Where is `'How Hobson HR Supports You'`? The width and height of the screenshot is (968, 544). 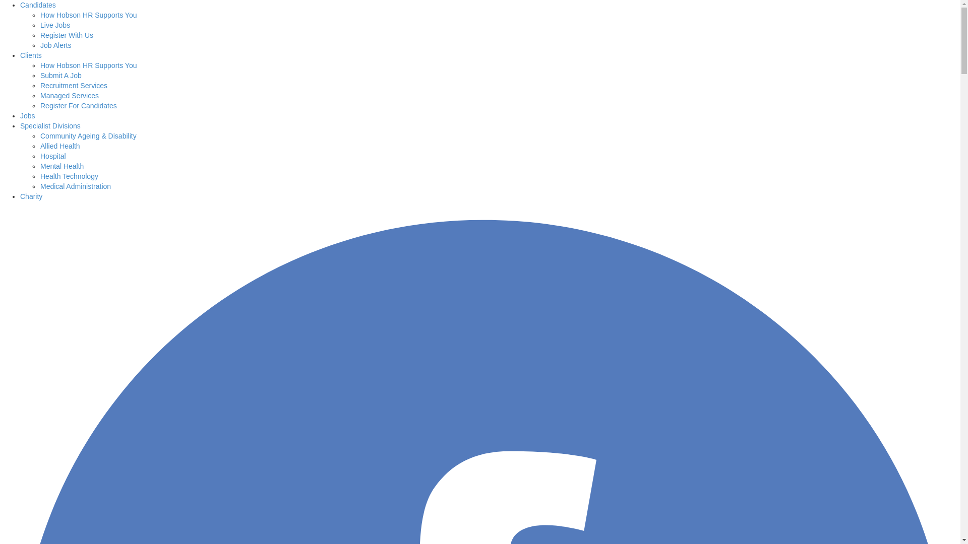
'How Hobson HR Supports You' is located at coordinates (88, 65).